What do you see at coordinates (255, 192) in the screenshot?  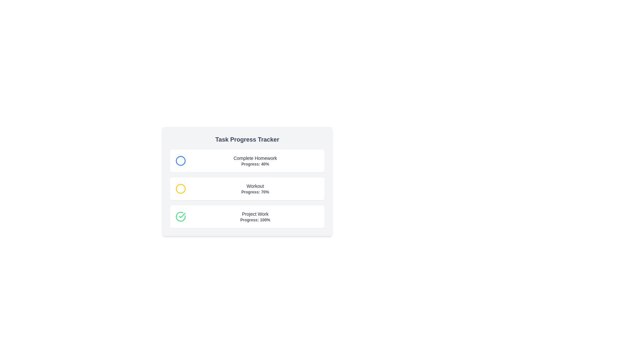 I see `the progress percentage text label that informs the user about the status of the 'Workout' task, positioned below the 'Workout' text in a card layout` at bounding box center [255, 192].